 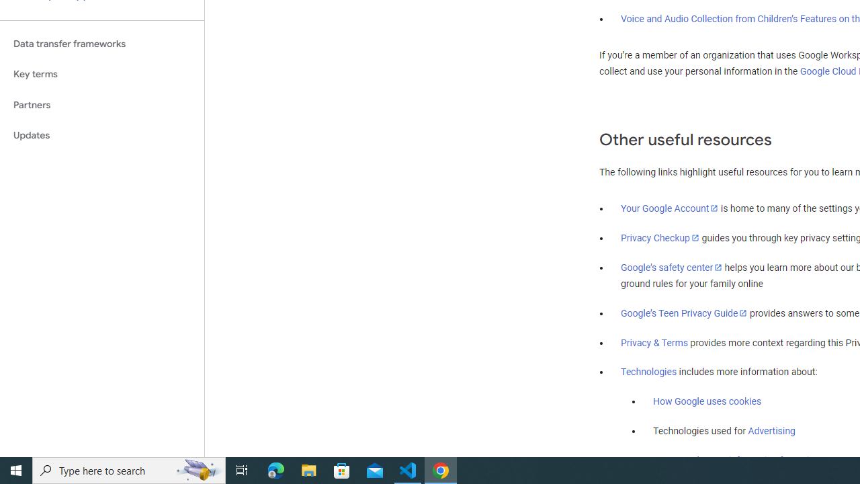 I want to click on 'Privacy Checkup', so click(x=660, y=237).